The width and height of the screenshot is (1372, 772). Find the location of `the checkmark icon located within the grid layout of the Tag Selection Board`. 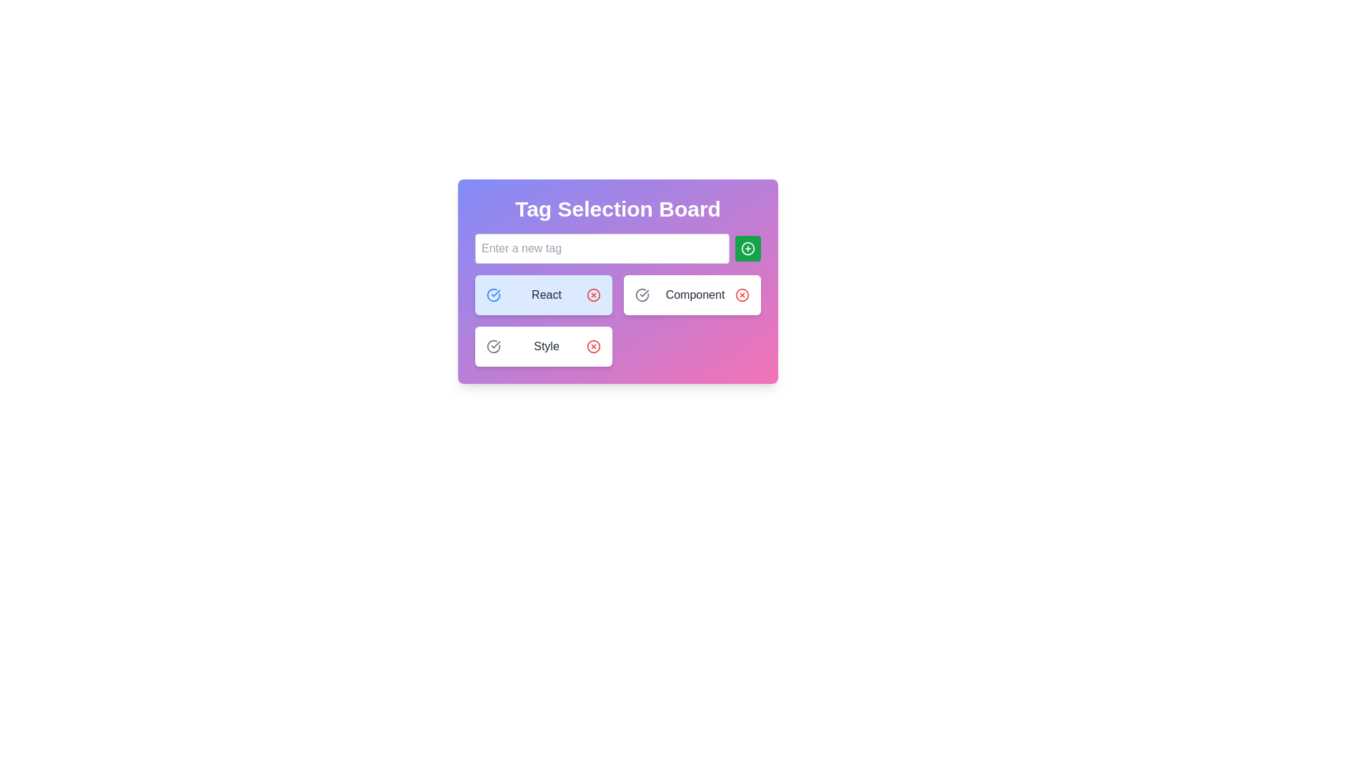

the checkmark icon located within the grid layout of the Tag Selection Board is located at coordinates (617, 320).